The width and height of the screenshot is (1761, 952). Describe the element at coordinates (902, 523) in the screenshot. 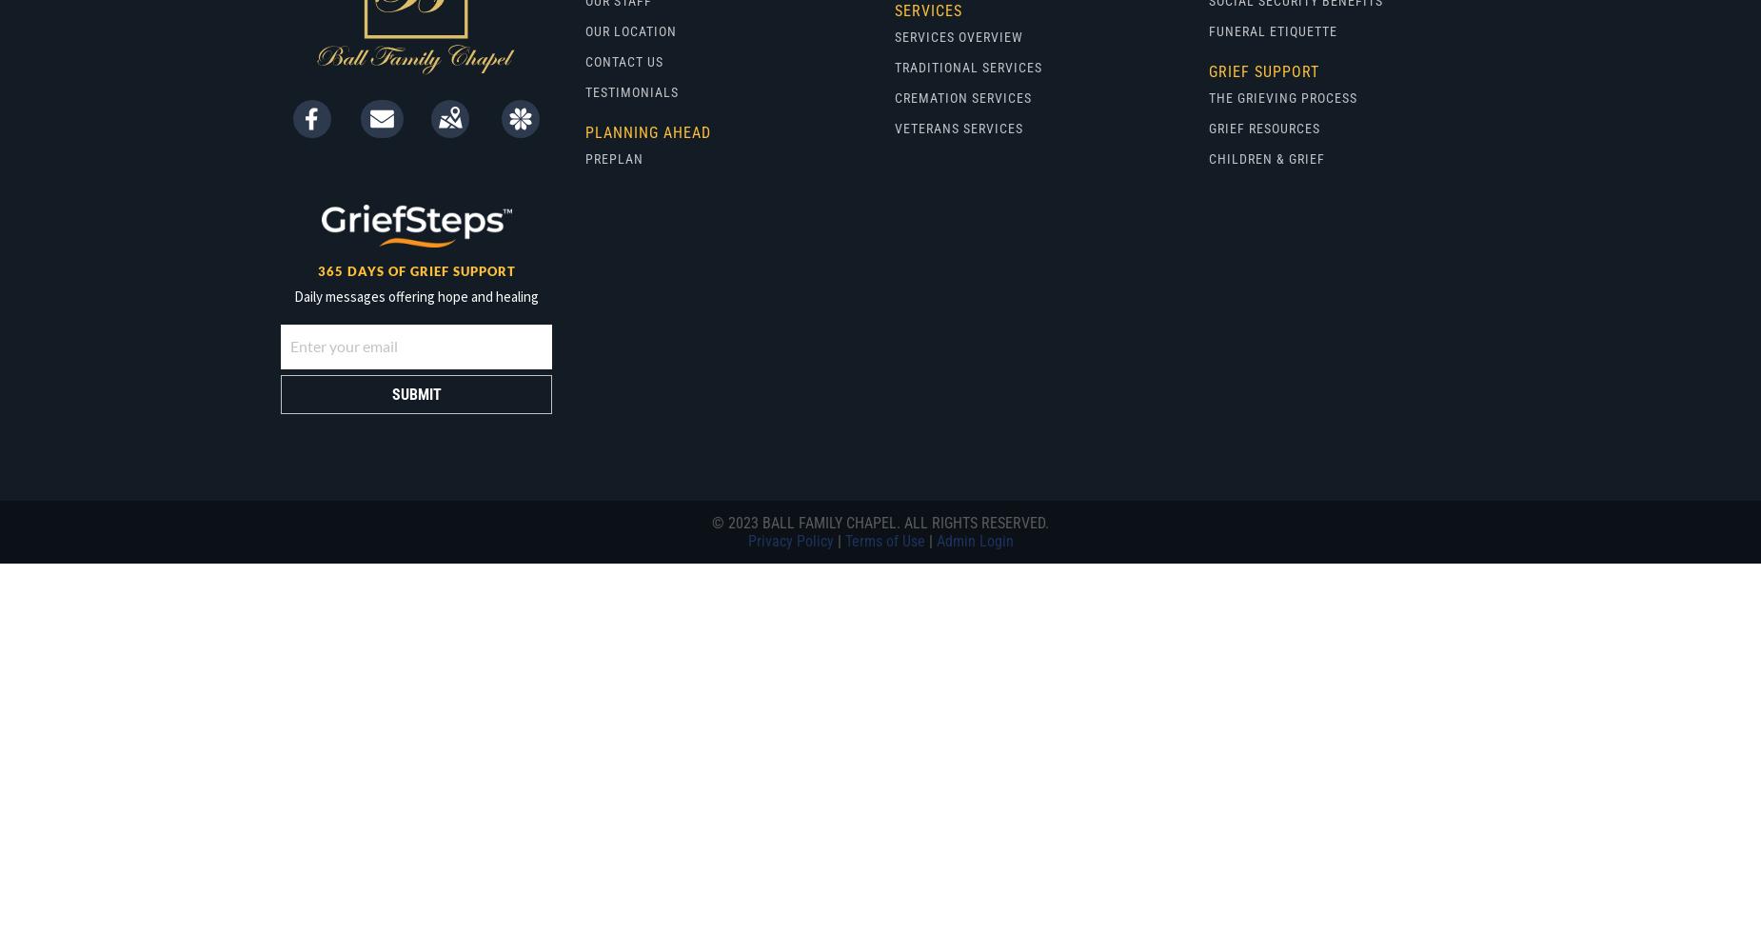

I see `'BALL FAMILY CHAPEL. ALL RIGHTS RESERVED.'` at that location.